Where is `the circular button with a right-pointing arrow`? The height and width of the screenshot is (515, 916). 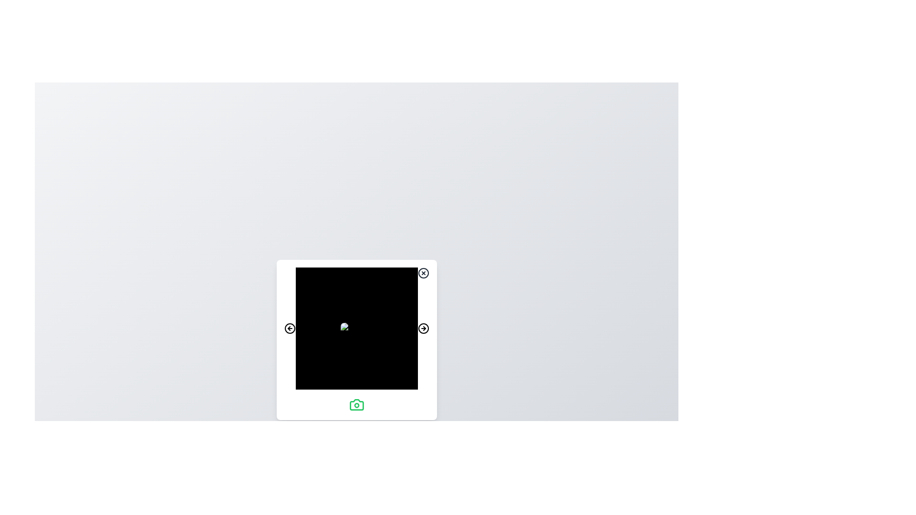 the circular button with a right-pointing arrow is located at coordinates (423, 328).